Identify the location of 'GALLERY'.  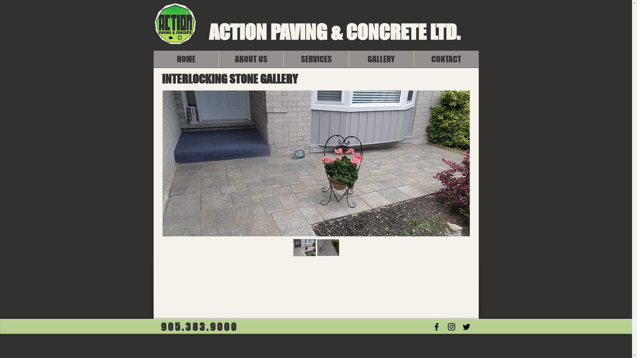
(381, 59).